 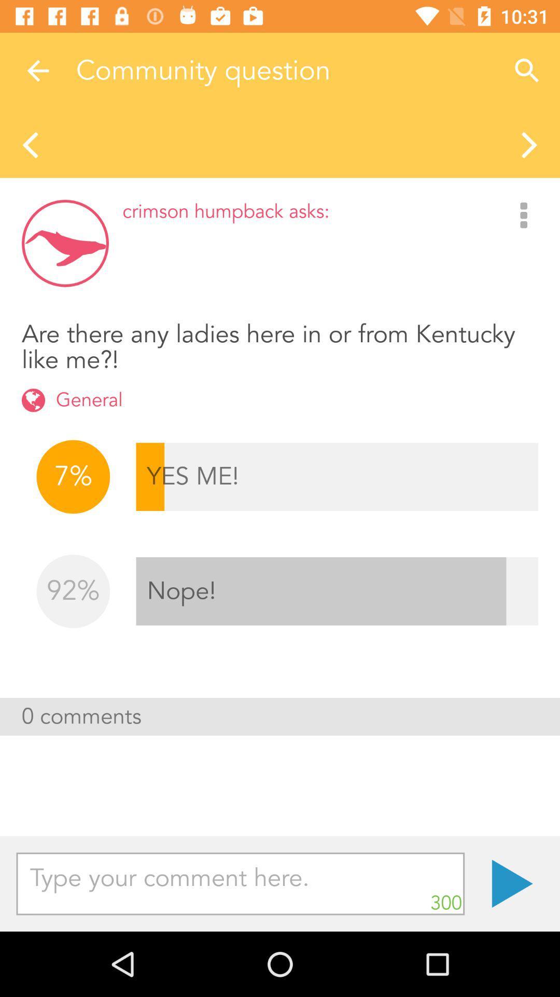 What do you see at coordinates (512, 883) in the screenshot?
I see `icon below the 0 comments item` at bounding box center [512, 883].